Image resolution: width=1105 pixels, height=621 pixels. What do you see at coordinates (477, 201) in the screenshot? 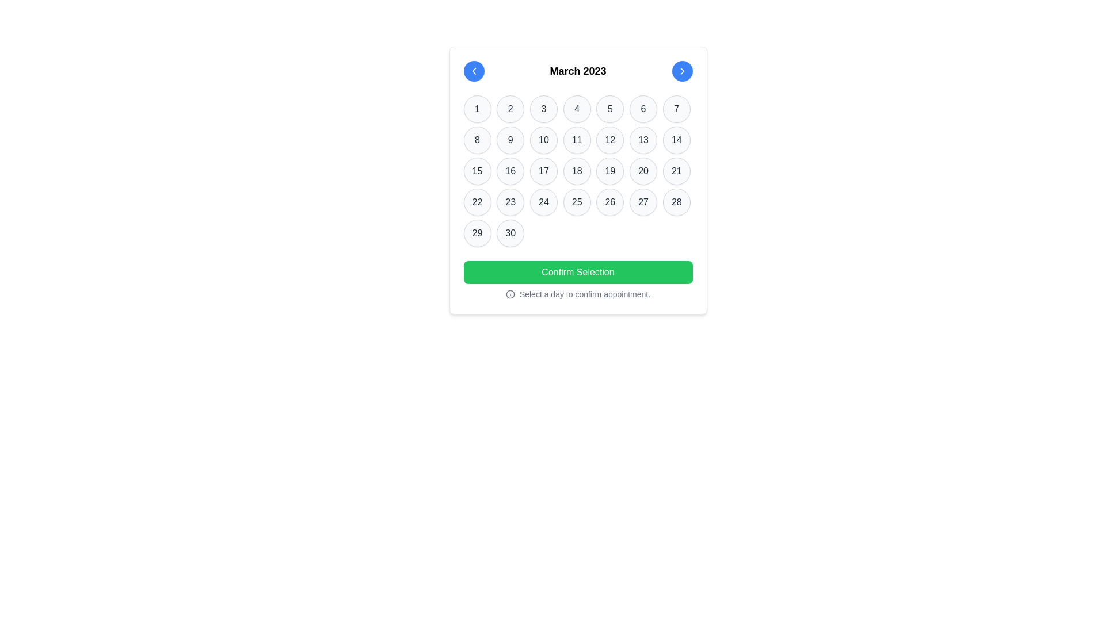
I see `the button representing the 22nd day of the month in the calendar grid layout, which is located in the fourth row and first column` at bounding box center [477, 201].